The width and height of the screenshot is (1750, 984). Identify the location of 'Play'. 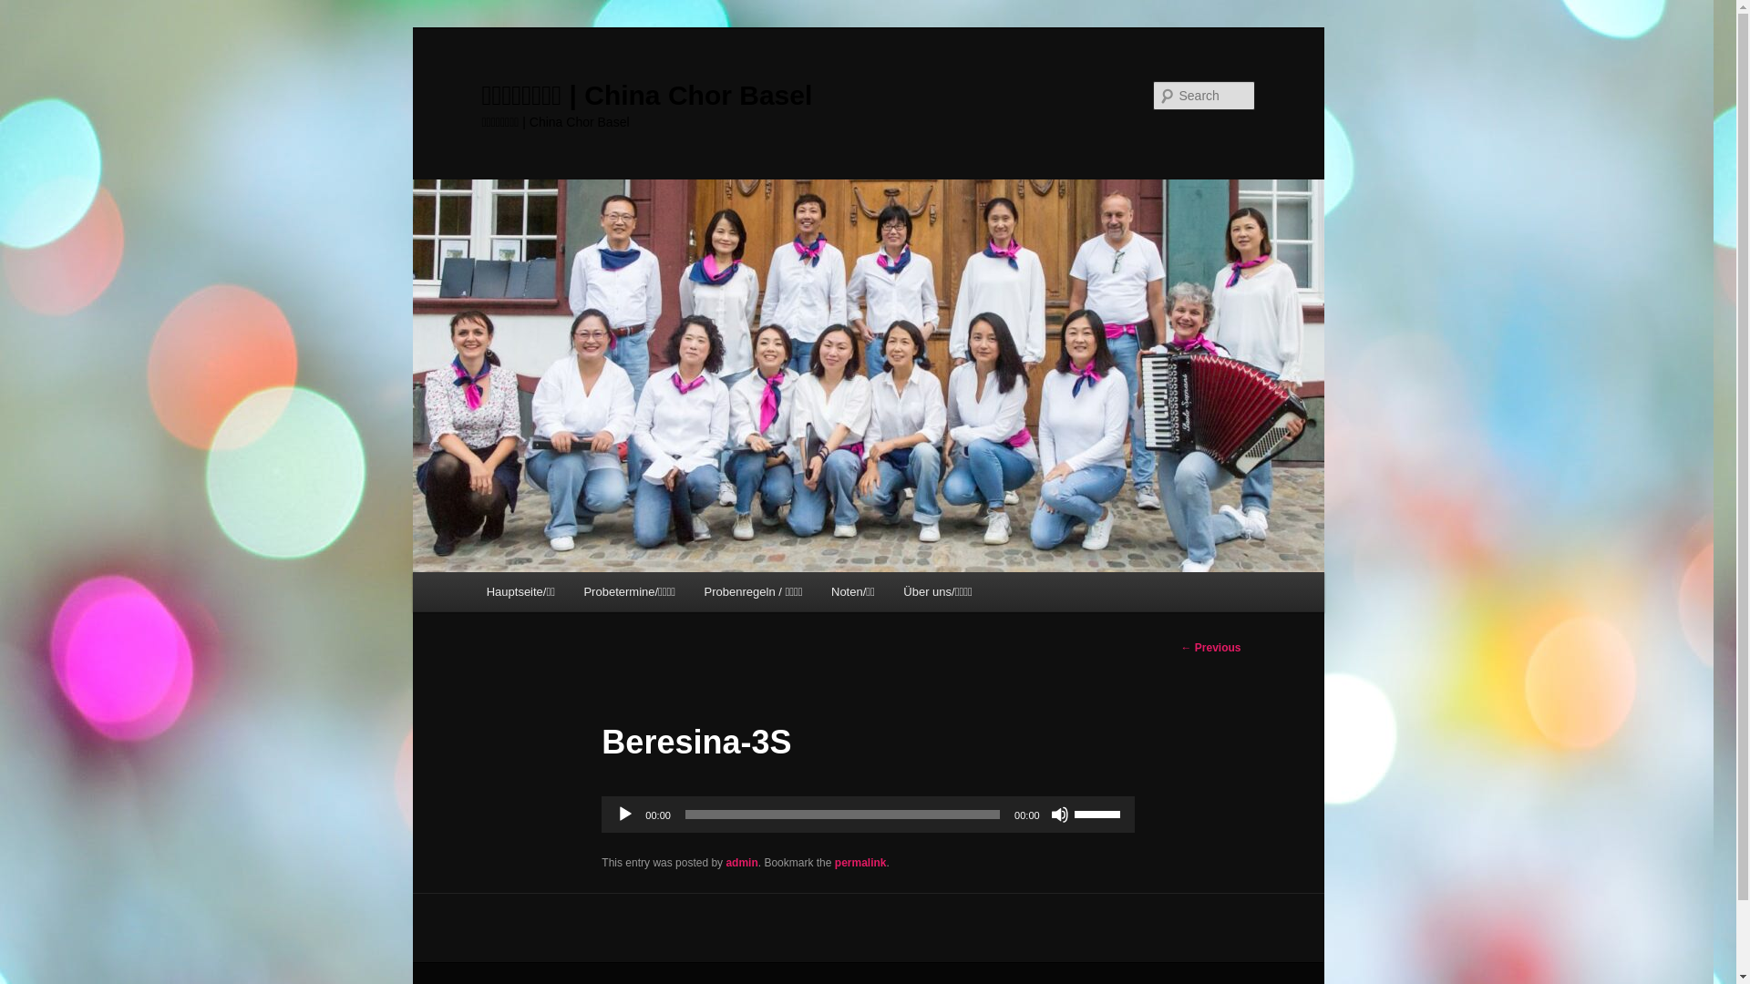
(625, 814).